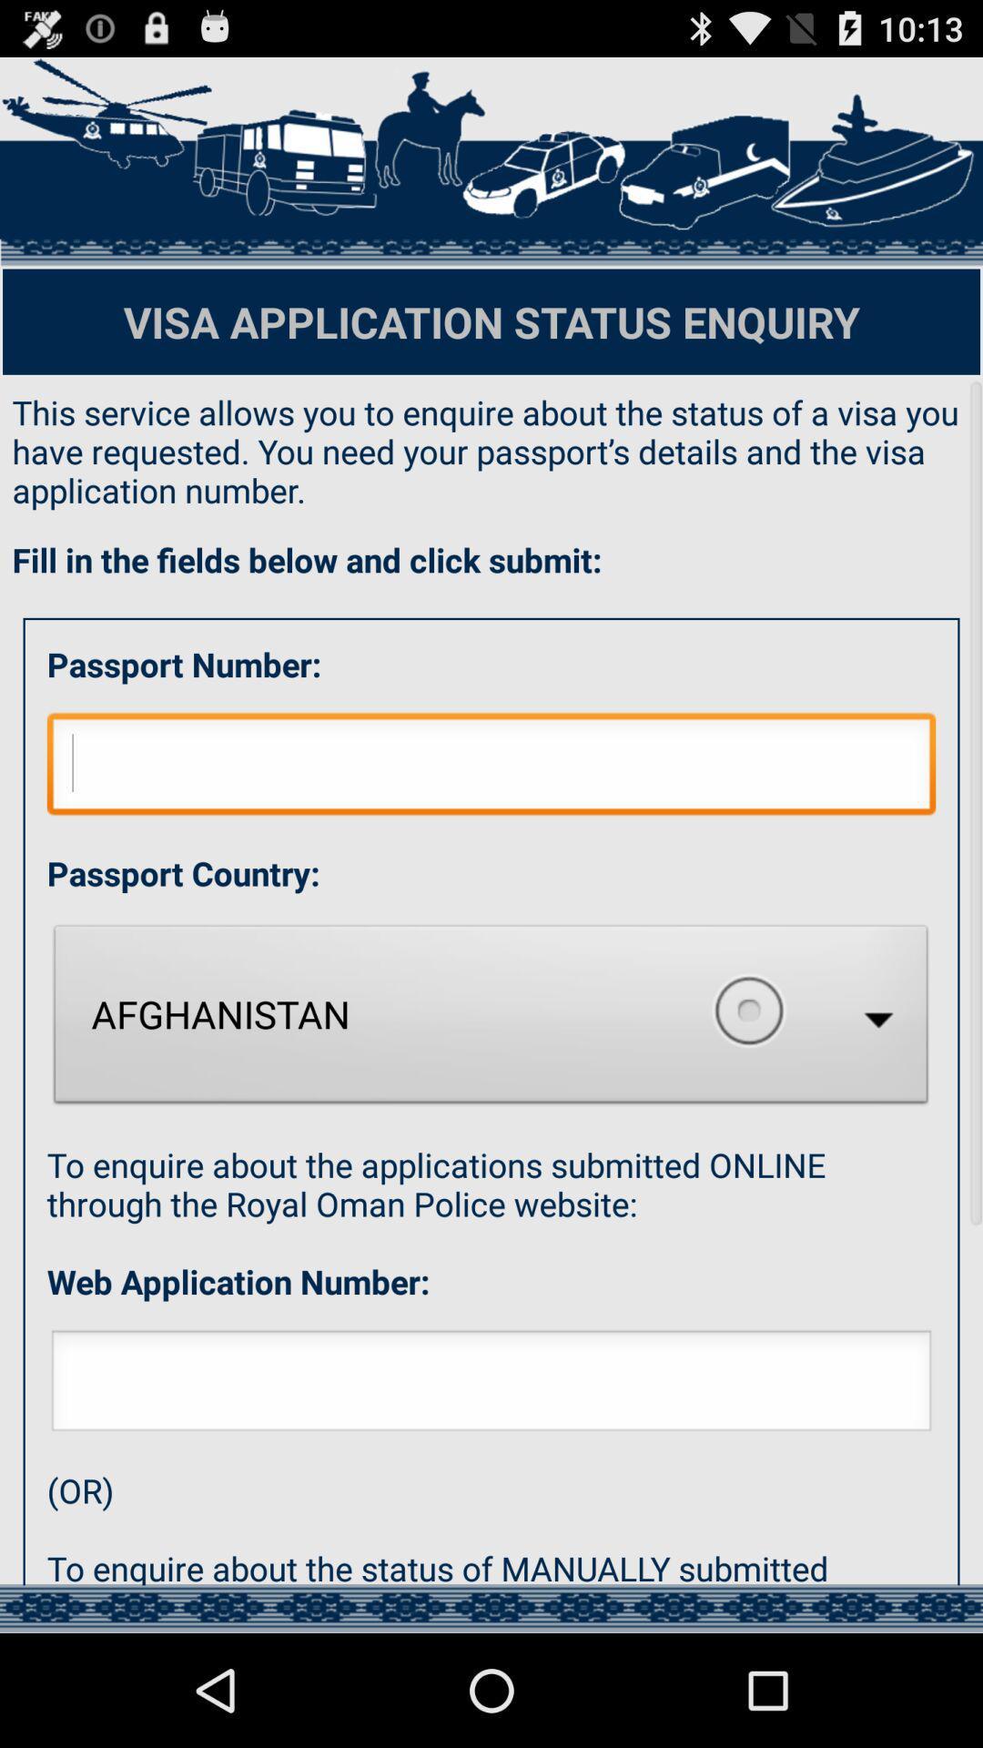 The image size is (983, 1748). I want to click on shows web application number, so click(491, 1385).